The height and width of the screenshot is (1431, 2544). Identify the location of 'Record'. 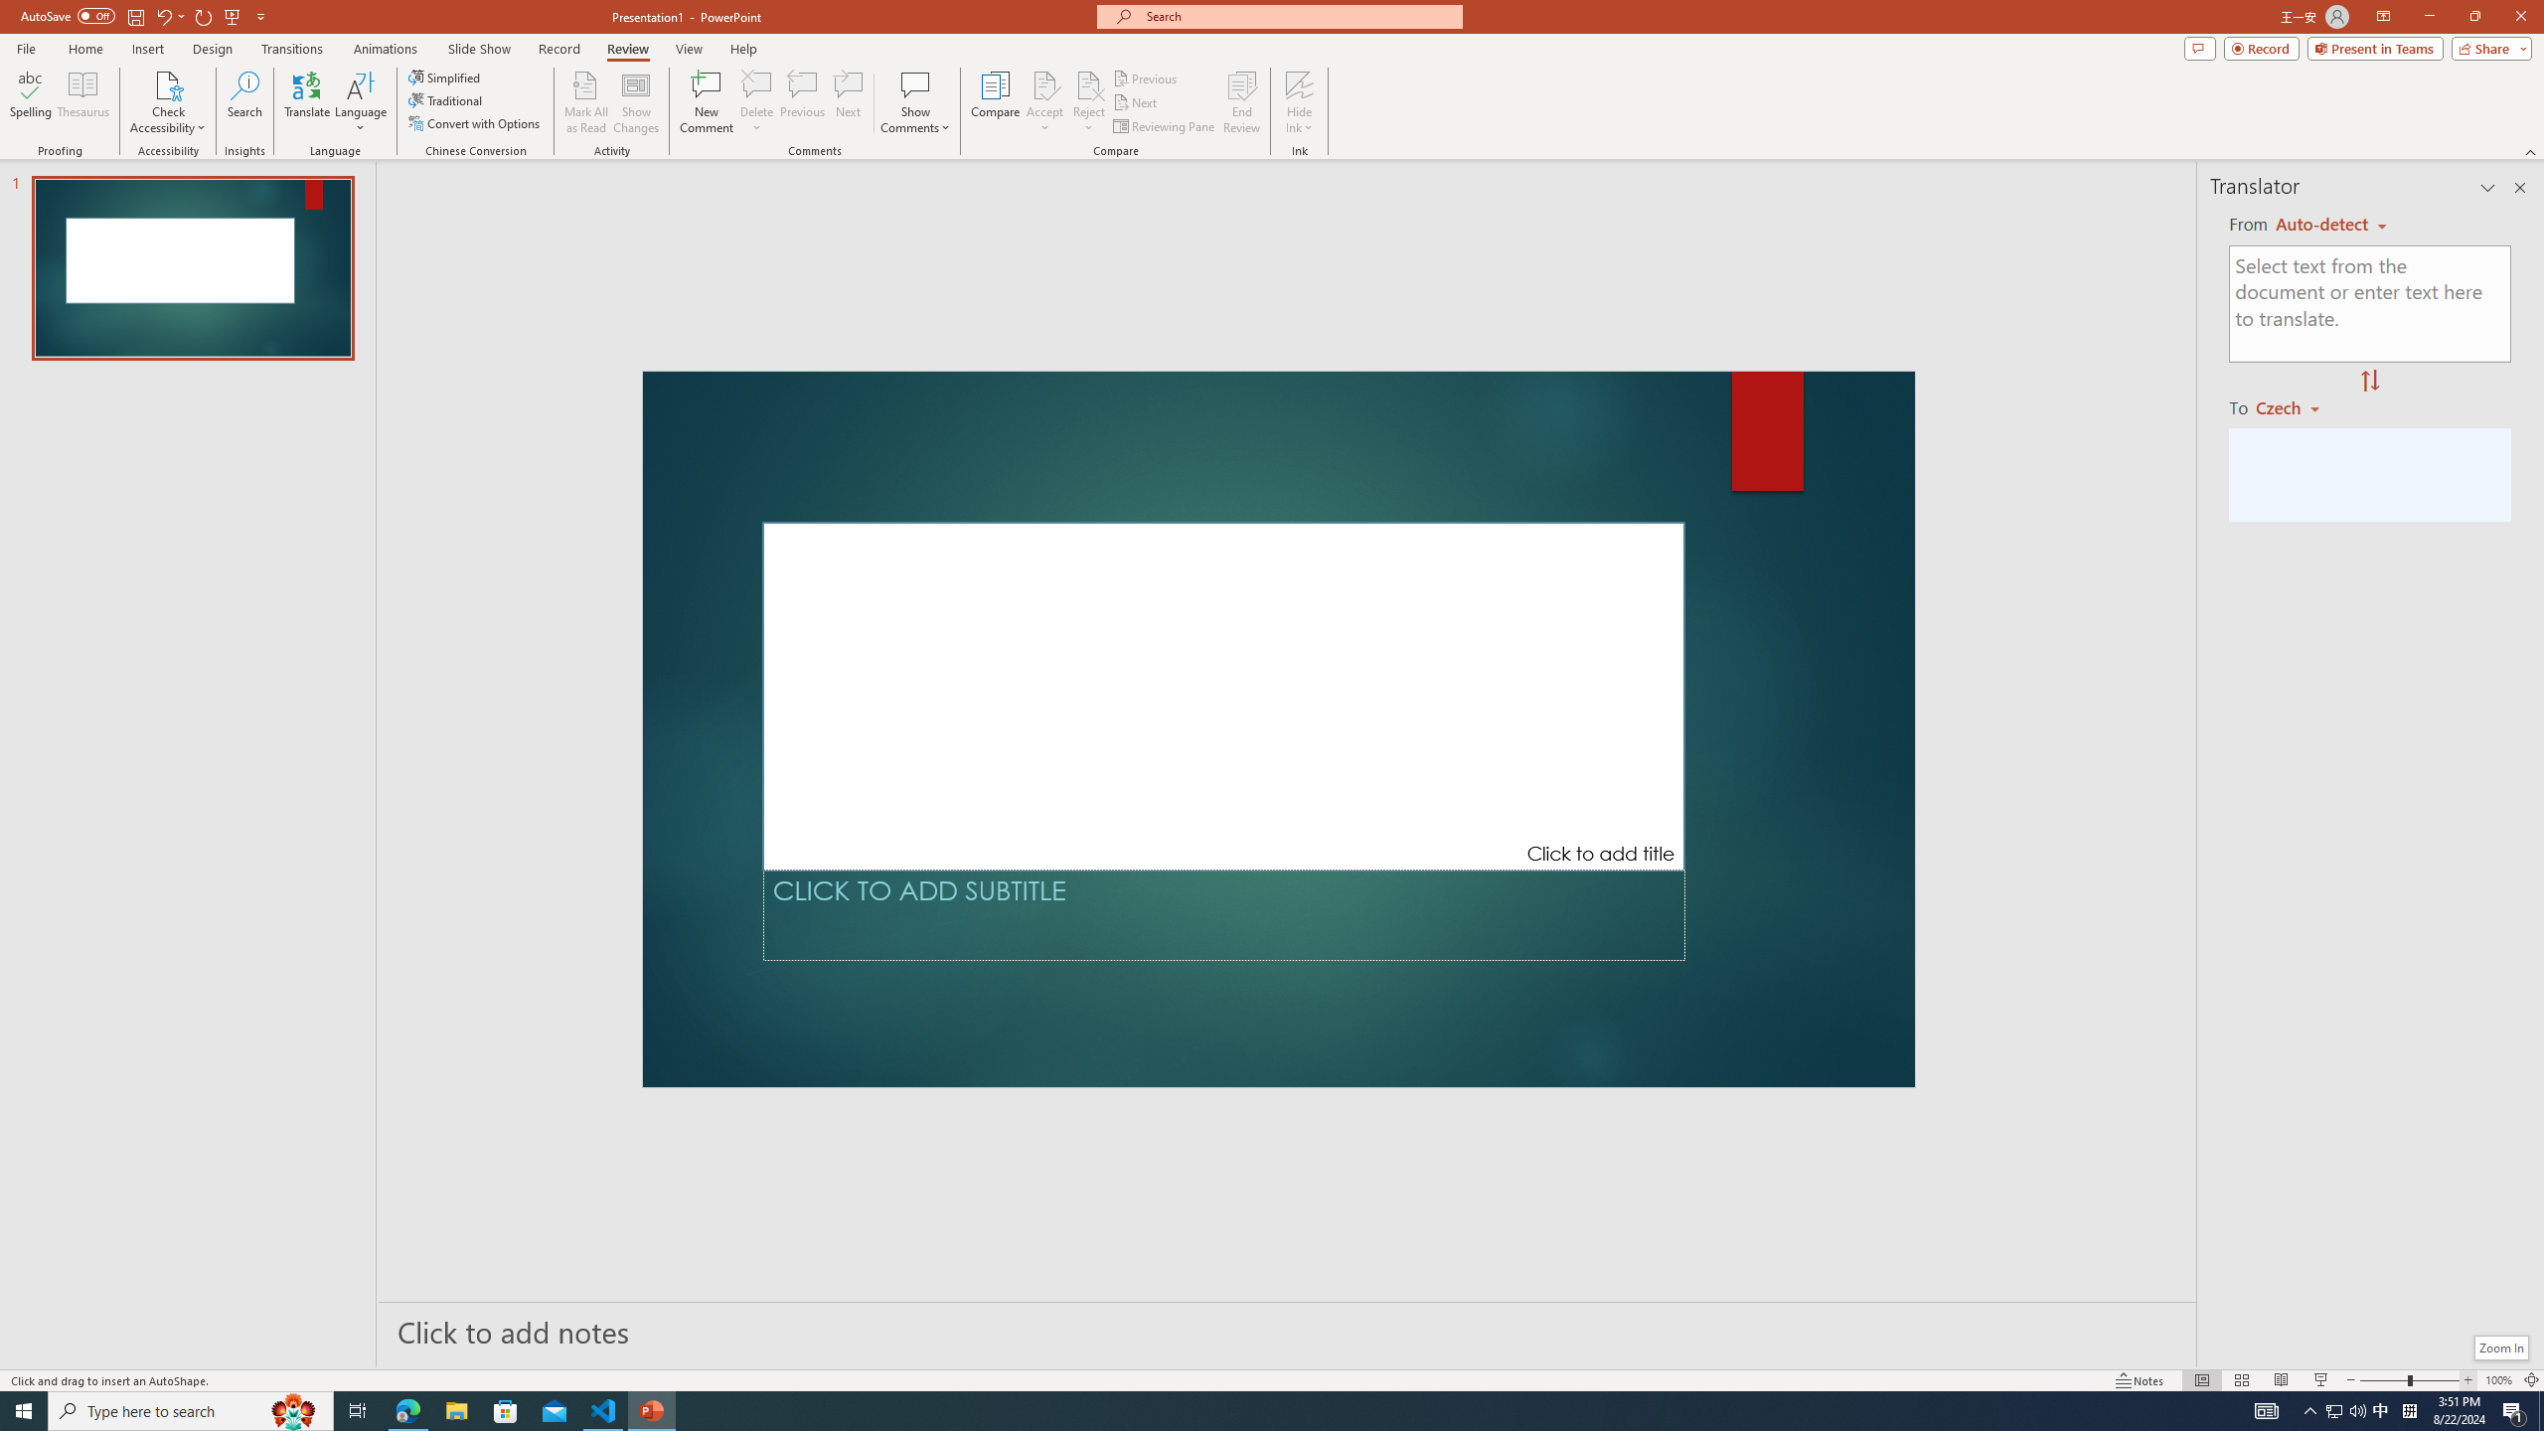
(2260, 47).